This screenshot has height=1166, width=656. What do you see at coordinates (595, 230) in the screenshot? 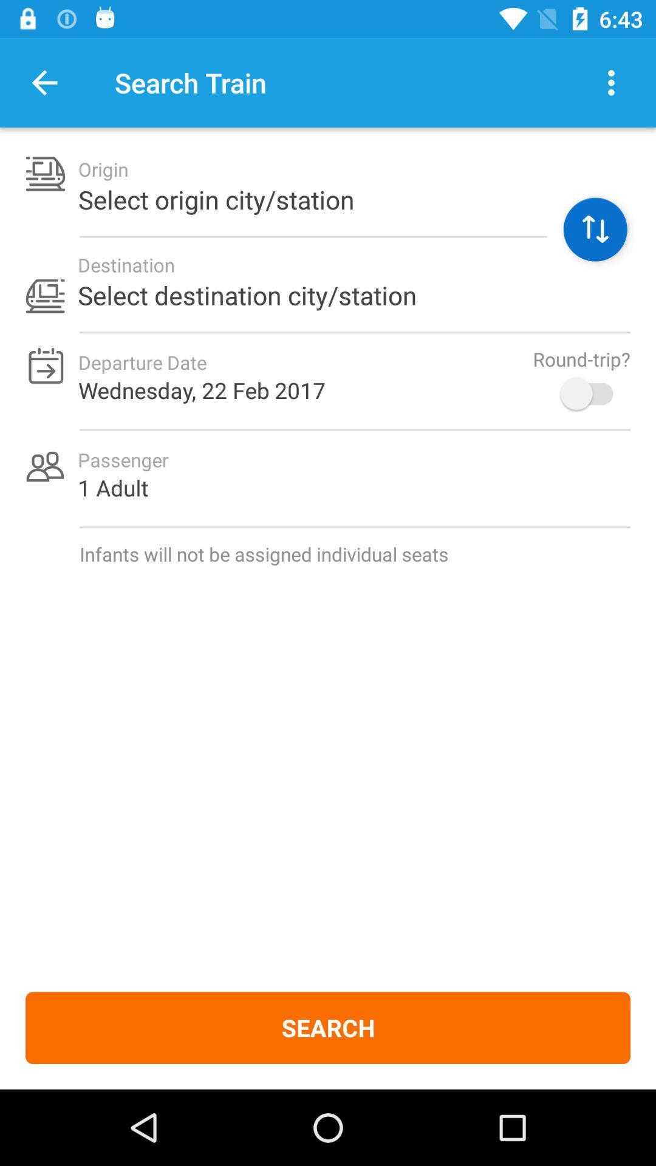
I see `the orgin city station` at bounding box center [595, 230].